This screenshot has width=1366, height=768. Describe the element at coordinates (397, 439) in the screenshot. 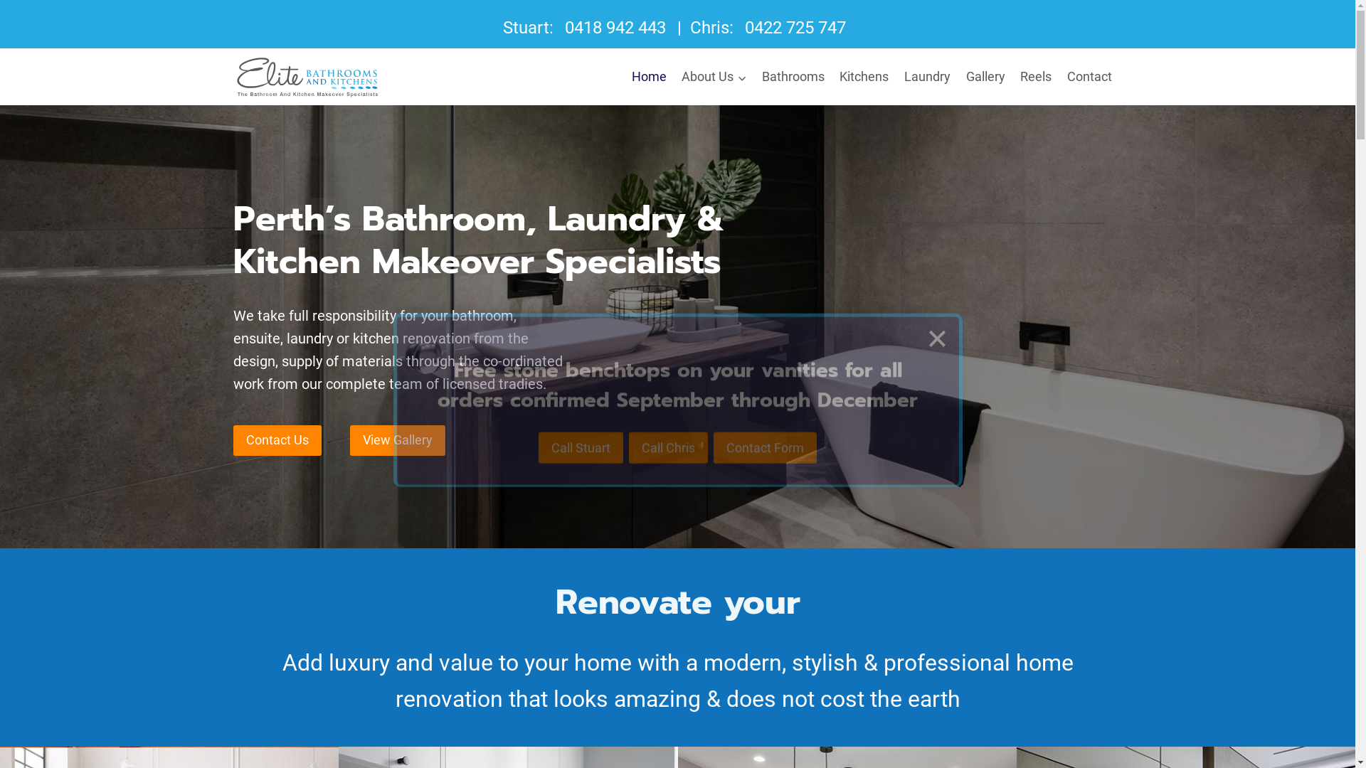

I see `'View Gallery'` at that location.